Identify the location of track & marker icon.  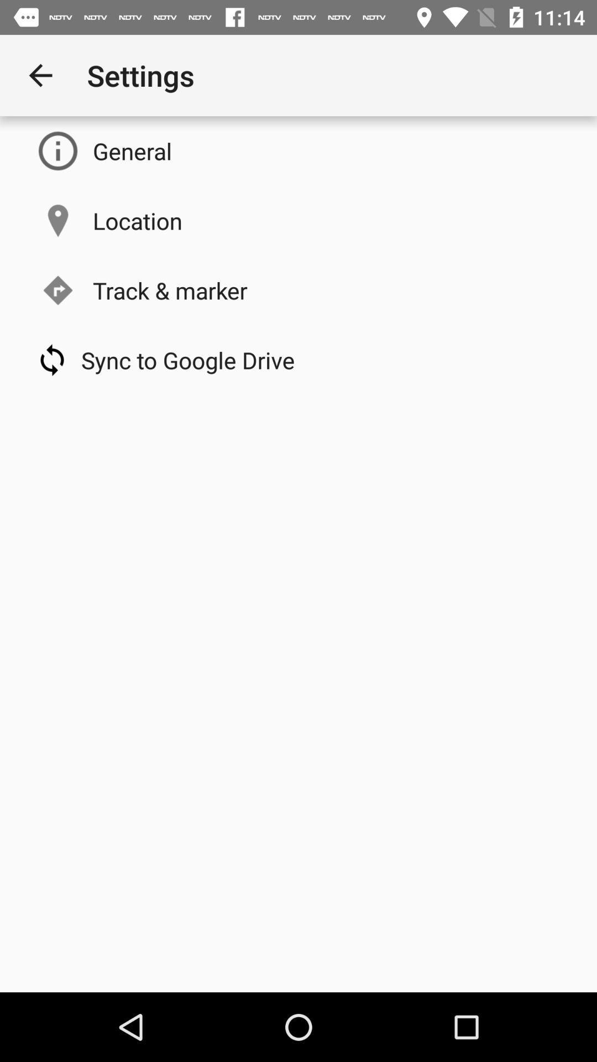
(170, 290).